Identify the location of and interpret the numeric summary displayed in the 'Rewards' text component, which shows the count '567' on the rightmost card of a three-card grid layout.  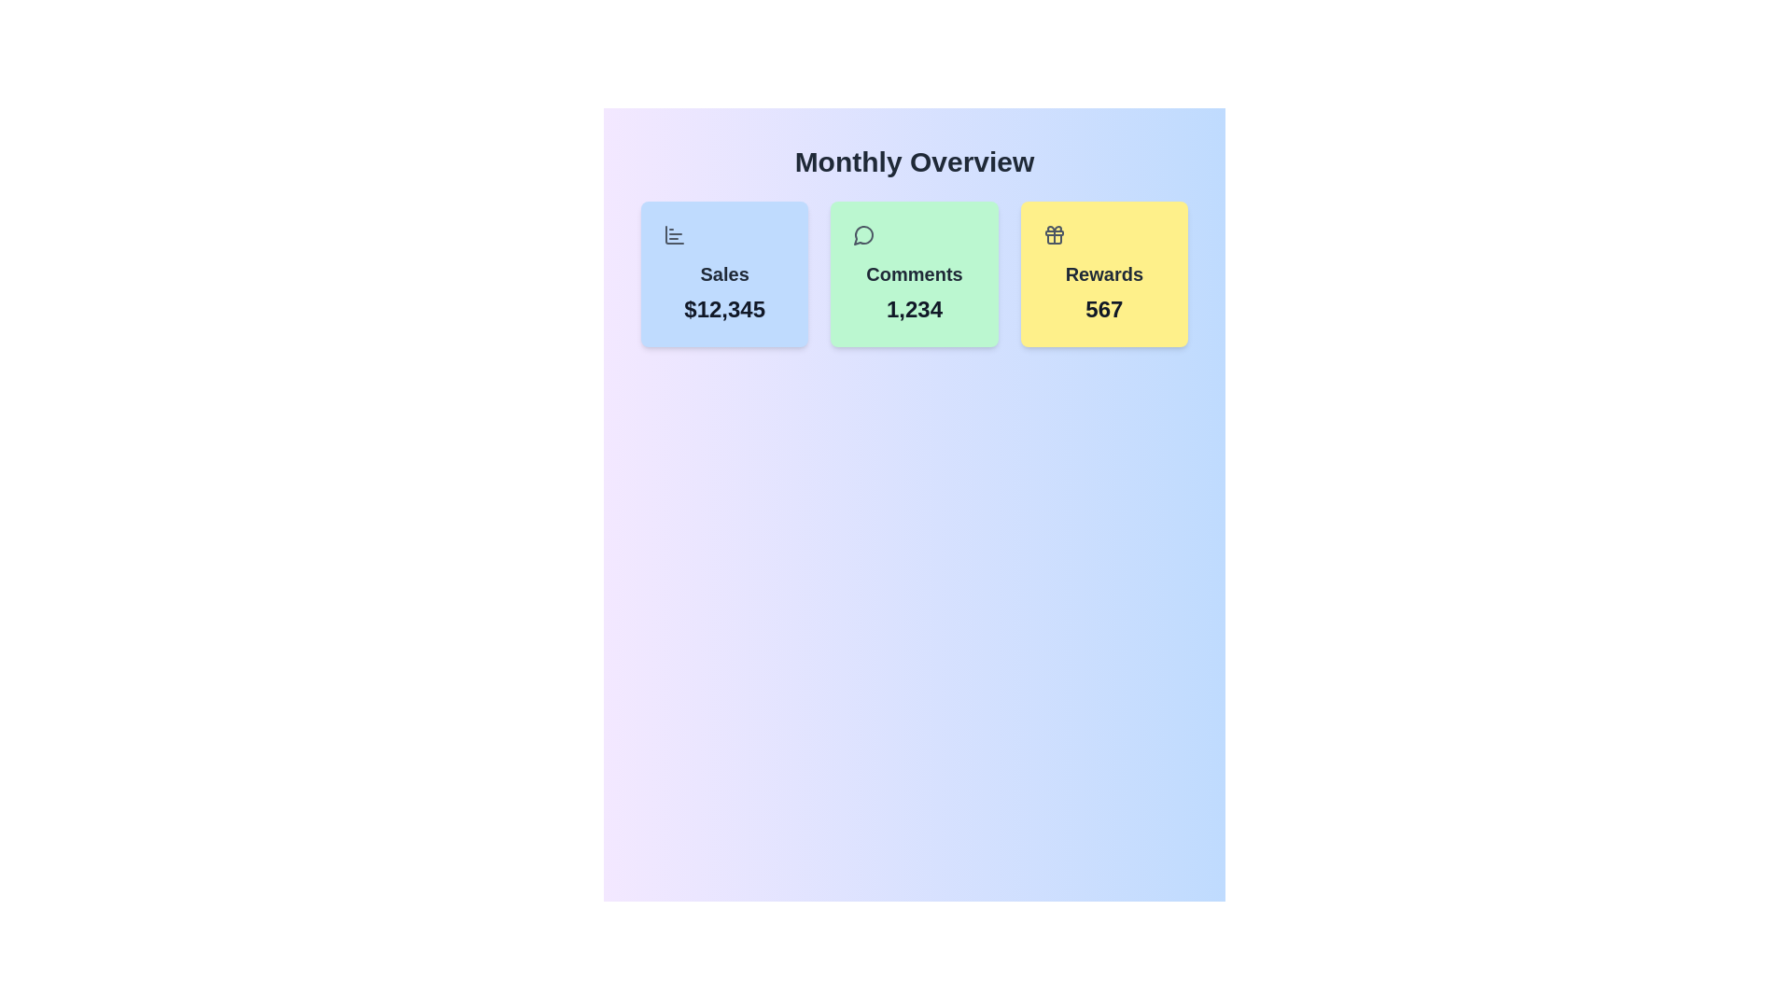
(1104, 273).